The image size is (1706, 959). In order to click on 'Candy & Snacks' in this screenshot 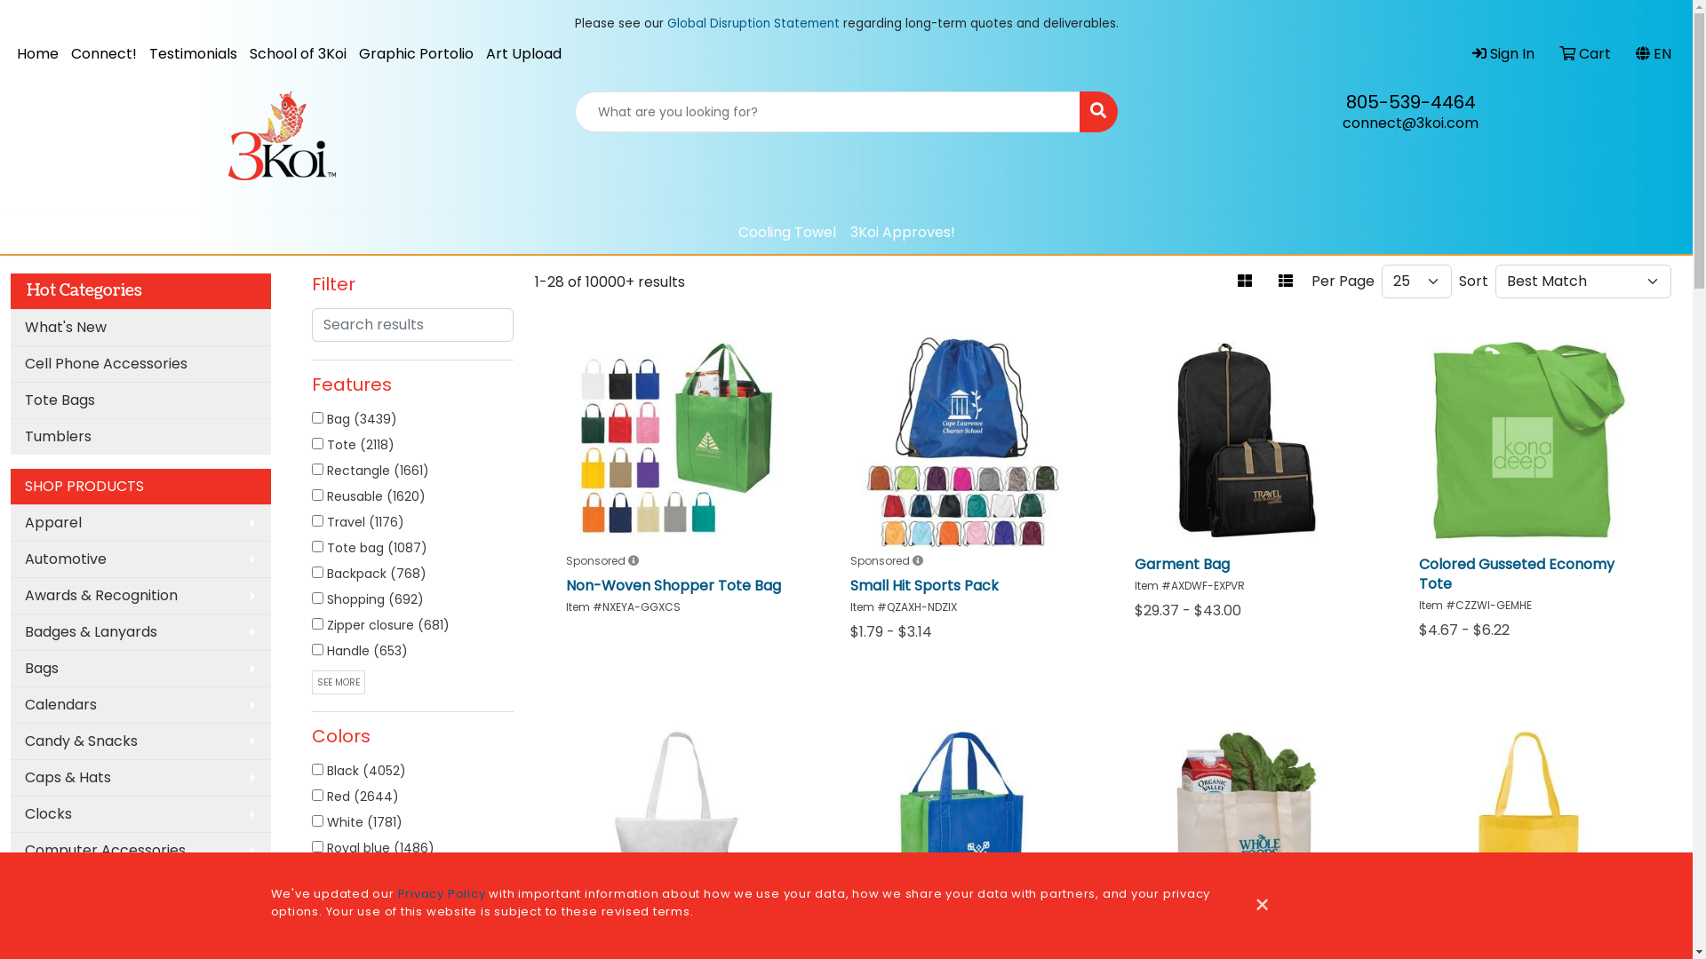, I will do `click(140, 741)`.